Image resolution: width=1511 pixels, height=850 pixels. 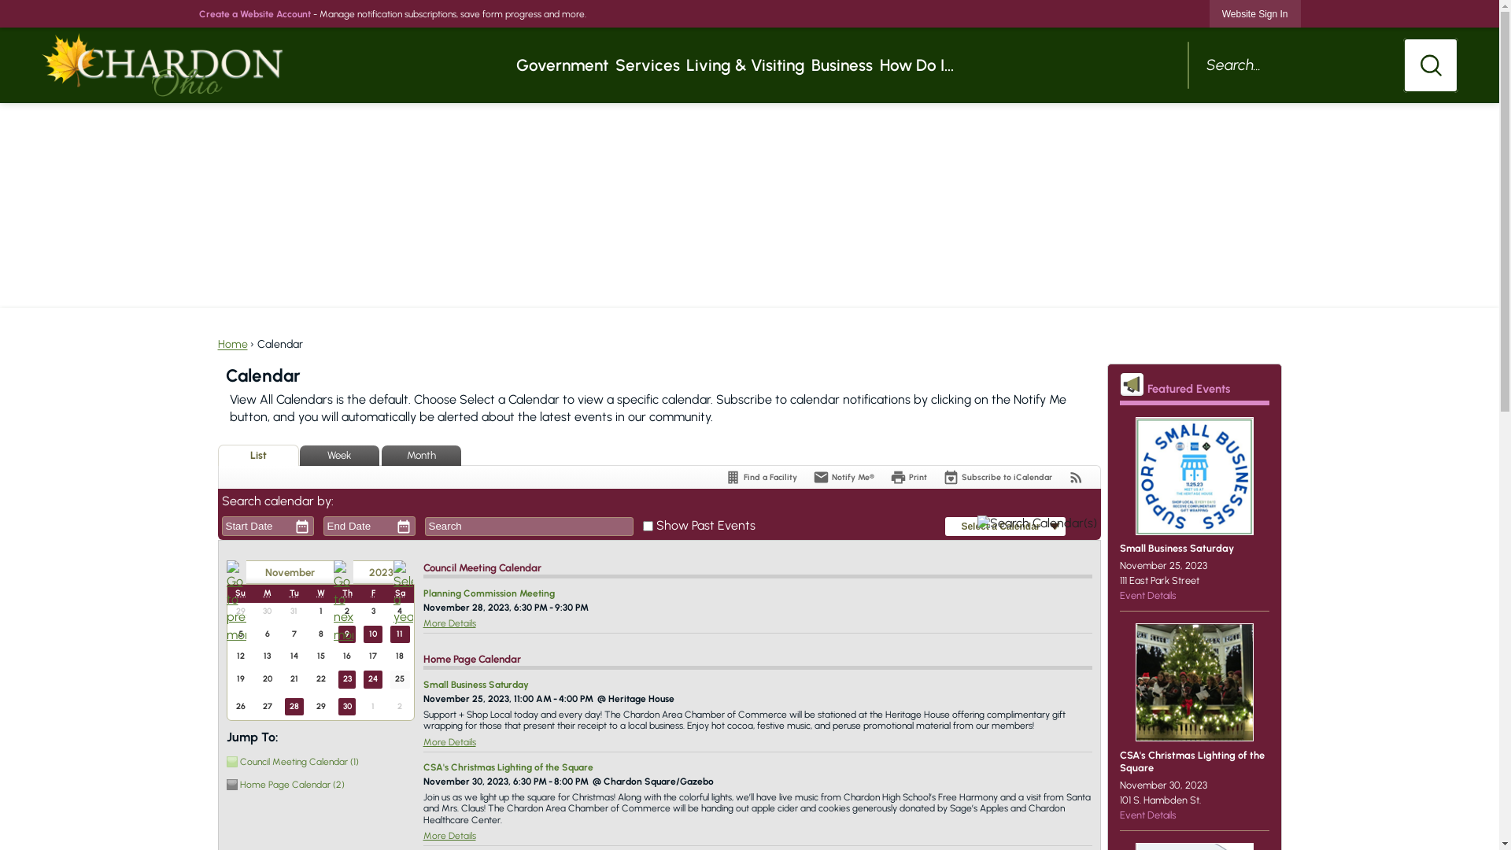 I want to click on 'christmas-lighting-free-harmony-1024x768', so click(x=1193, y=682).